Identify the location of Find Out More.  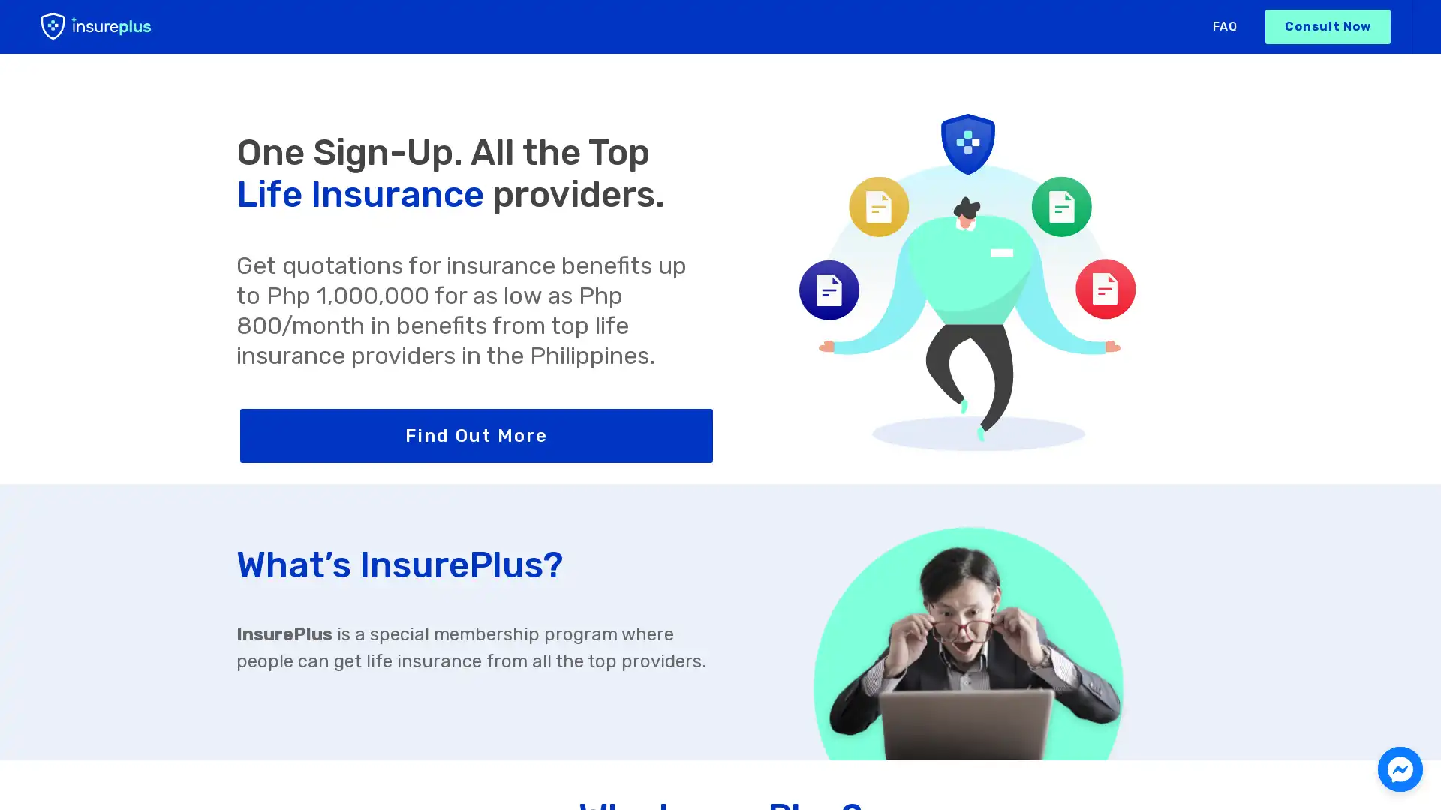
(475, 436).